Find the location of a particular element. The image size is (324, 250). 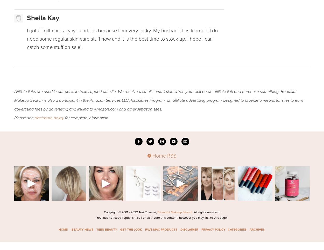

'You may not copy, republish, sell or distribute this content, however you may link to this page.' is located at coordinates (162, 217).